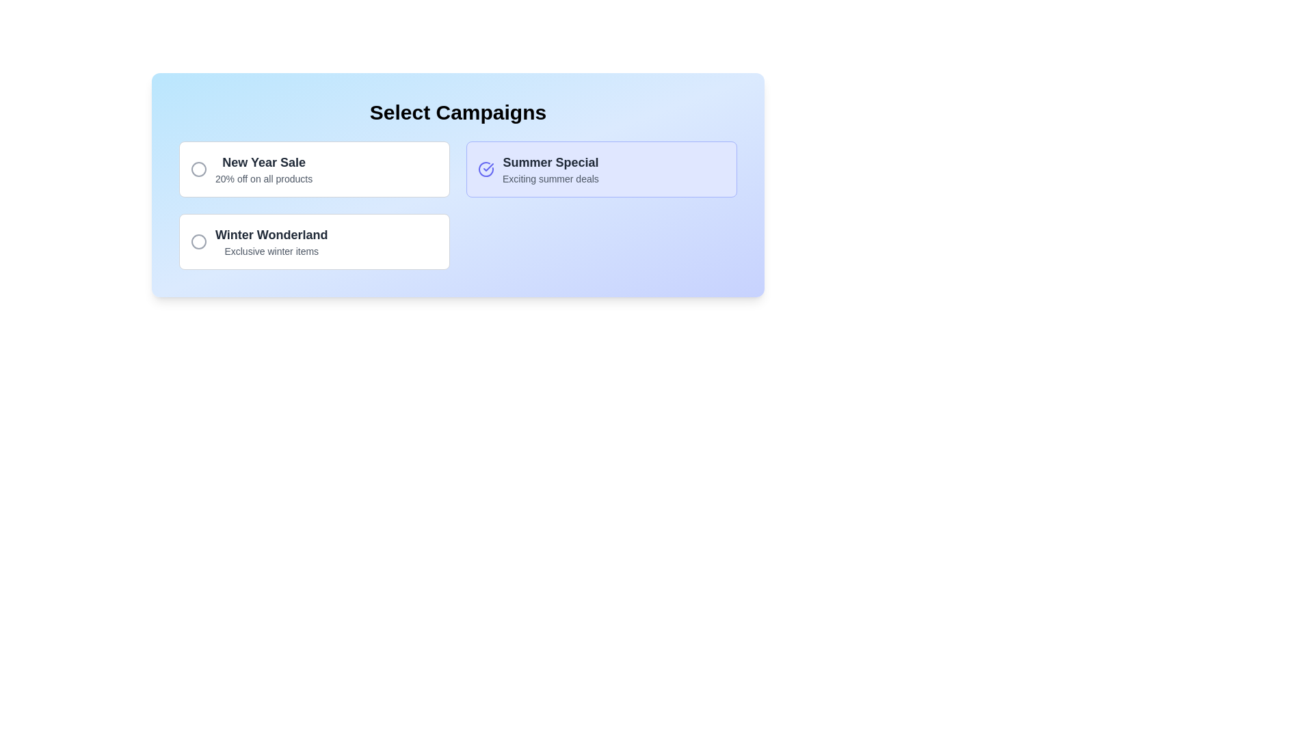  I want to click on the static text display that serves as a title or header for the section, which guides the user to select campaigns, so click(458, 112).